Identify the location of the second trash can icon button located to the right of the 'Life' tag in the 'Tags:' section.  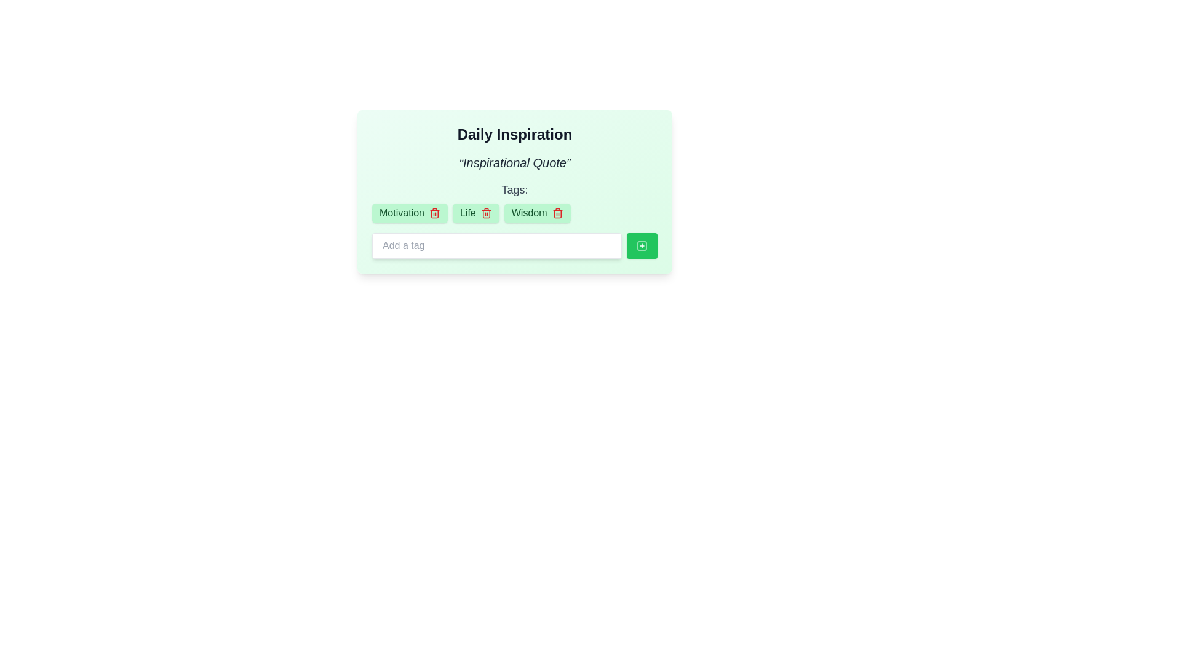
(485, 213).